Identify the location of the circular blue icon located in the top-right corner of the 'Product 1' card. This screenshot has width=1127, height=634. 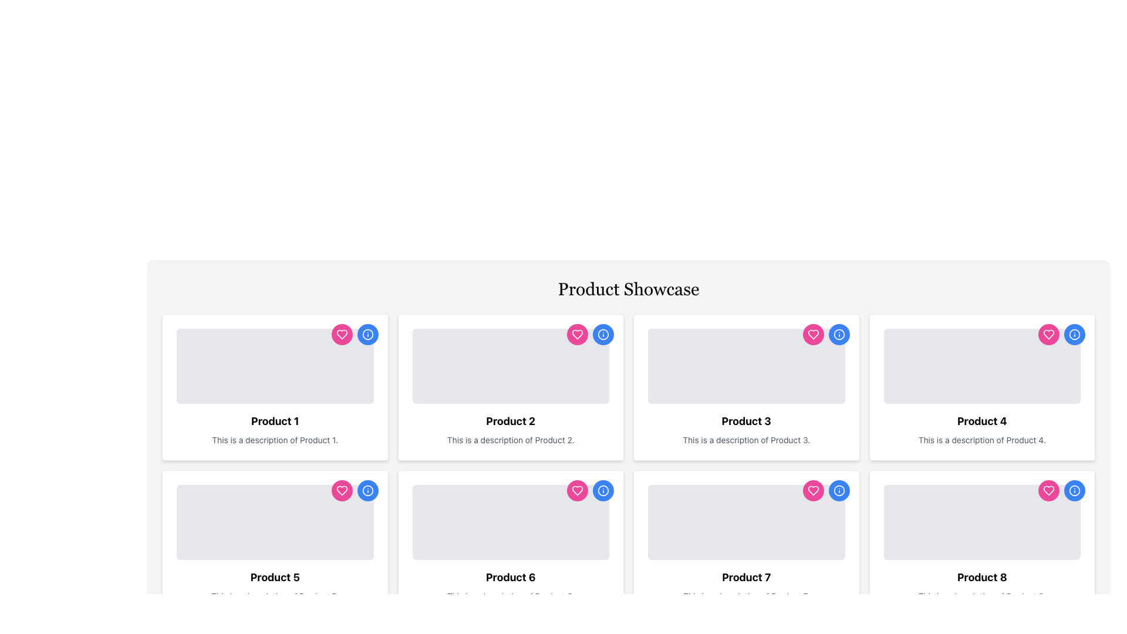
(367, 335).